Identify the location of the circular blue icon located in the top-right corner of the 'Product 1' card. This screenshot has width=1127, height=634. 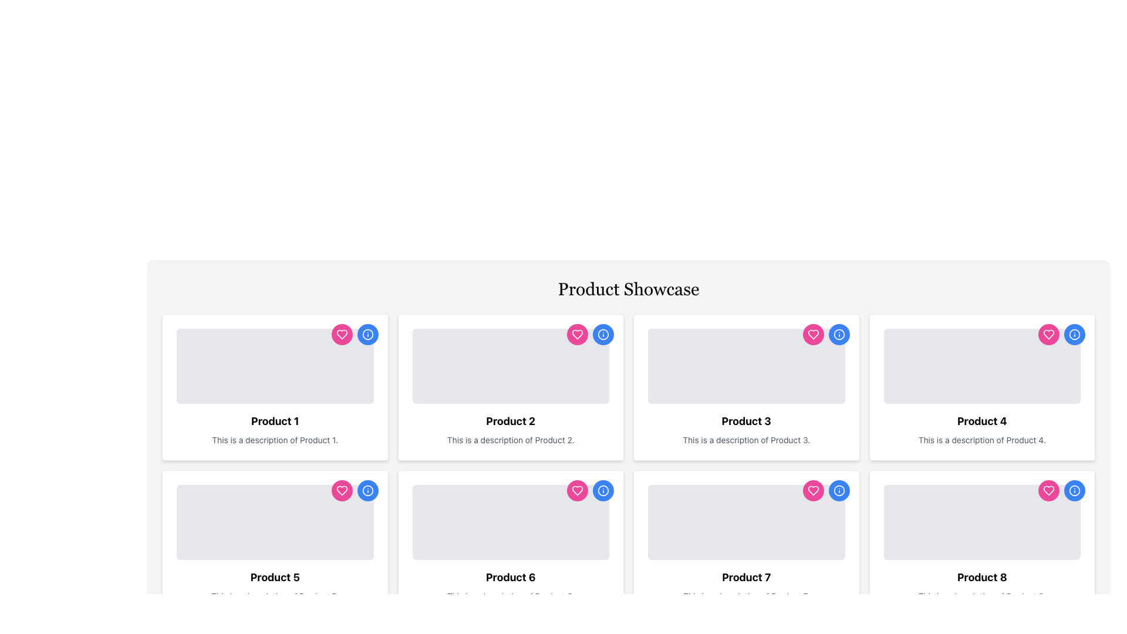
(367, 335).